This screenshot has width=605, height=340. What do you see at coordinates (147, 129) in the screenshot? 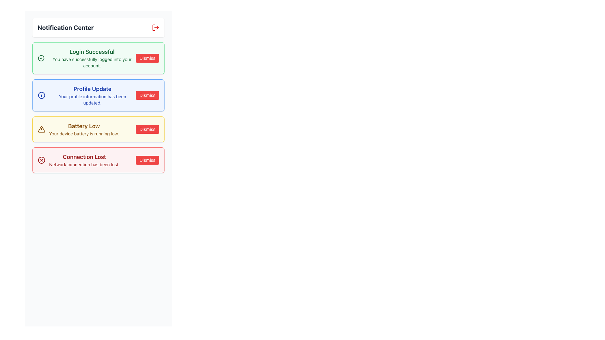
I see `the 'Dismiss' button, a red rectangular button with white text, located at the far right of the notification card warning about low battery` at bounding box center [147, 129].